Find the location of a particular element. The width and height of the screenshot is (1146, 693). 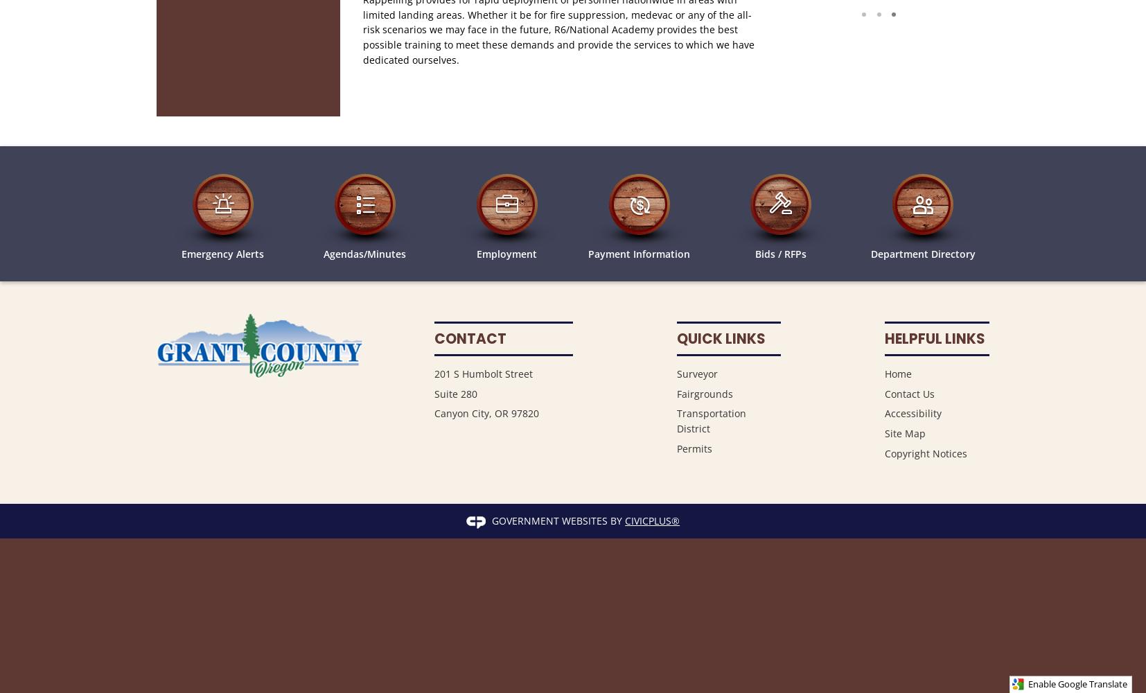

'Site Map' is located at coordinates (905, 433).